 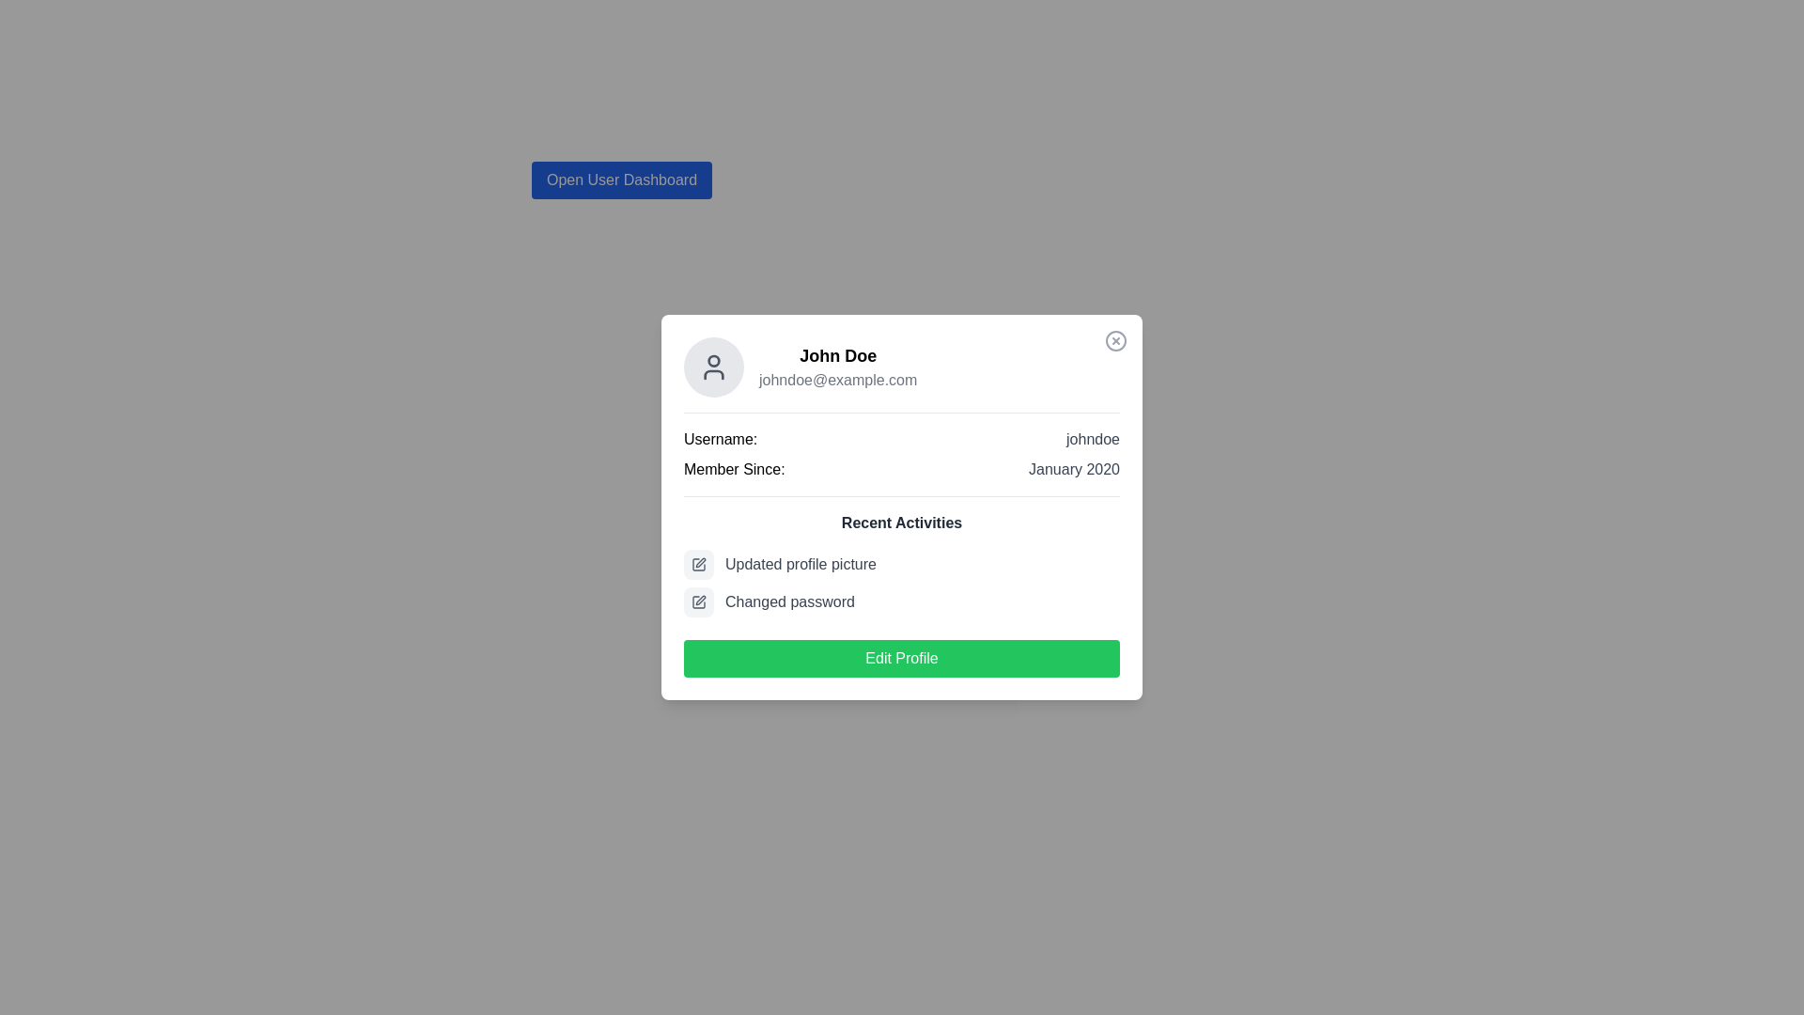 What do you see at coordinates (837, 381) in the screenshot?
I see `the email address 'johndoe@example.com' displayed in gray text within the user profile card, located beneath the username 'John Doe'` at bounding box center [837, 381].